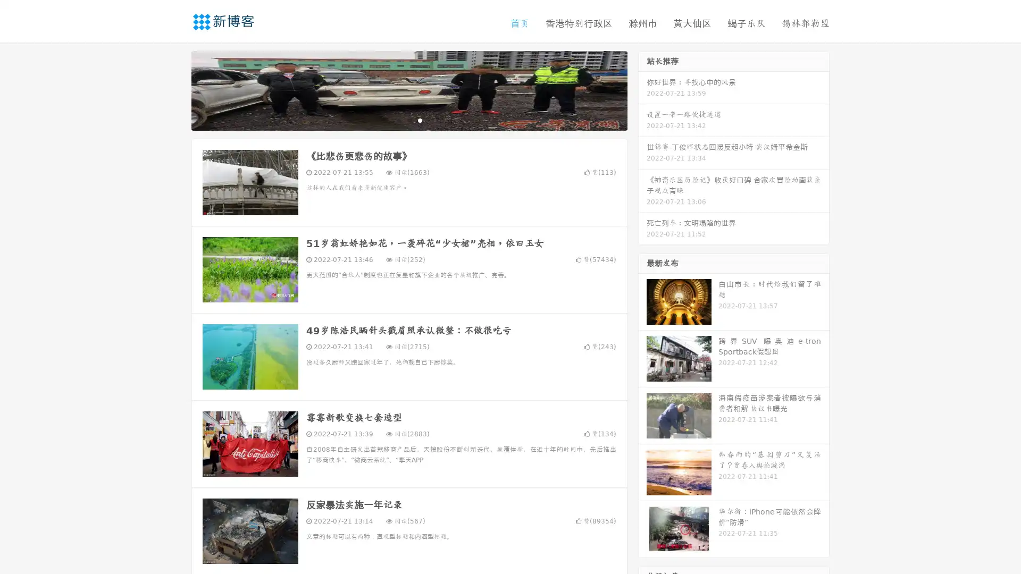 The image size is (1021, 574). I want to click on Go to slide 1, so click(398, 120).